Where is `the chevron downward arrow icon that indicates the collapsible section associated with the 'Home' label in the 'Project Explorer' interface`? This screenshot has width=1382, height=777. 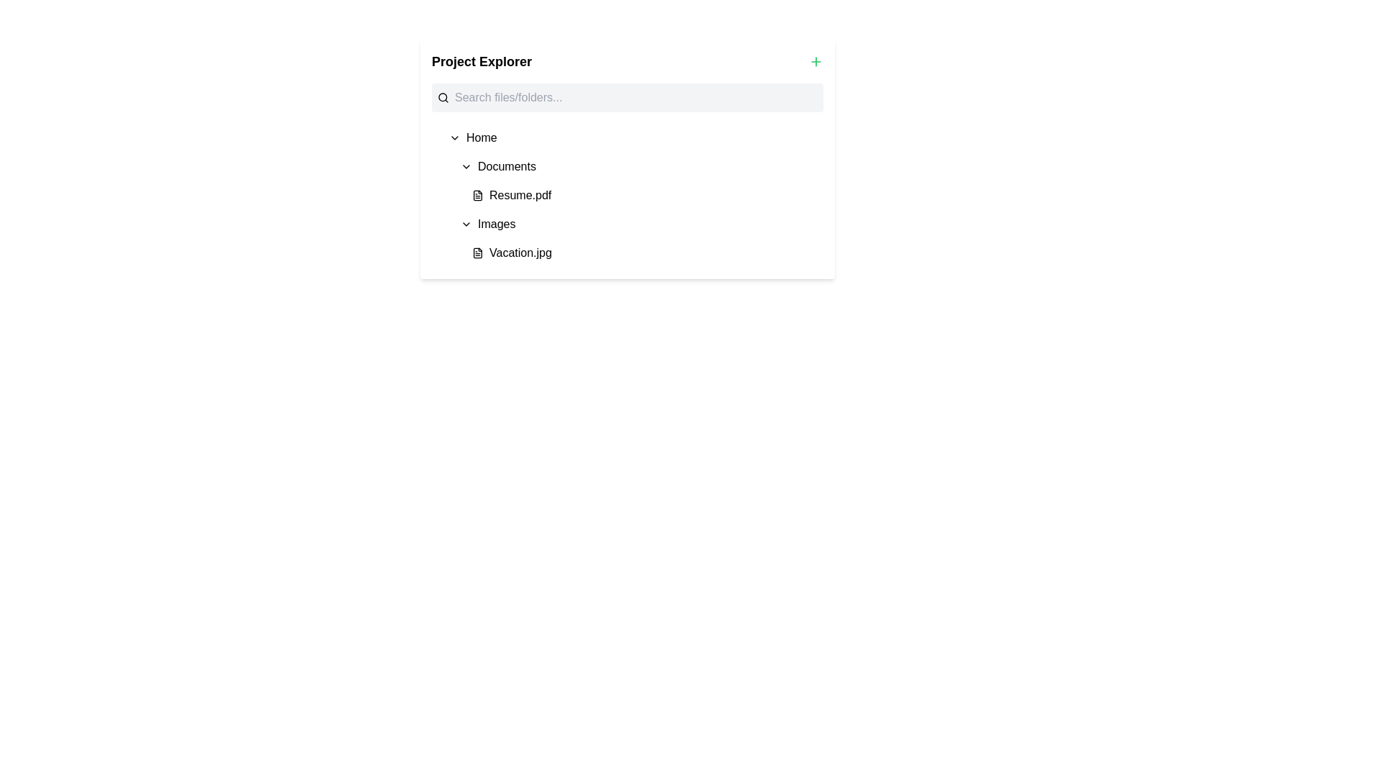
the chevron downward arrow icon that indicates the collapsible section associated with the 'Home' label in the 'Project Explorer' interface is located at coordinates (454, 138).